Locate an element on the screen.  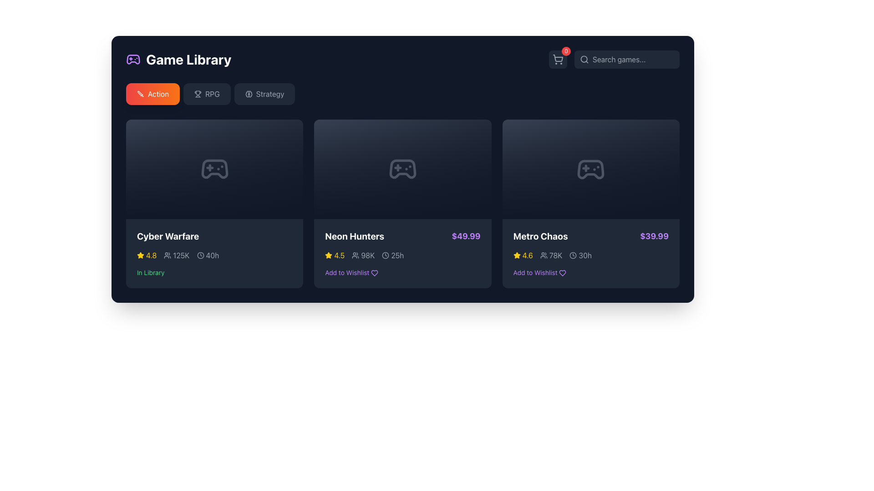
the link with icon located in the lower section of the last card in the Metro Chaos row is located at coordinates (539, 272).